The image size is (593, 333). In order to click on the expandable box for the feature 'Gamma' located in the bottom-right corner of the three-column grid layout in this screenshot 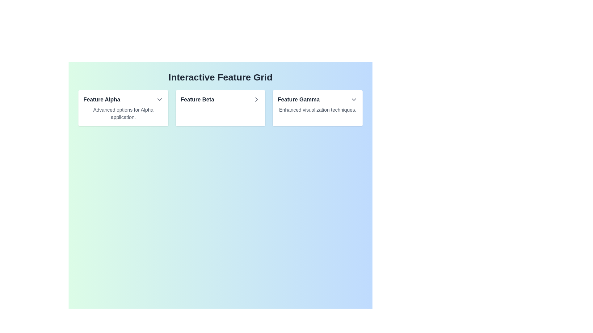, I will do `click(318, 108)`.